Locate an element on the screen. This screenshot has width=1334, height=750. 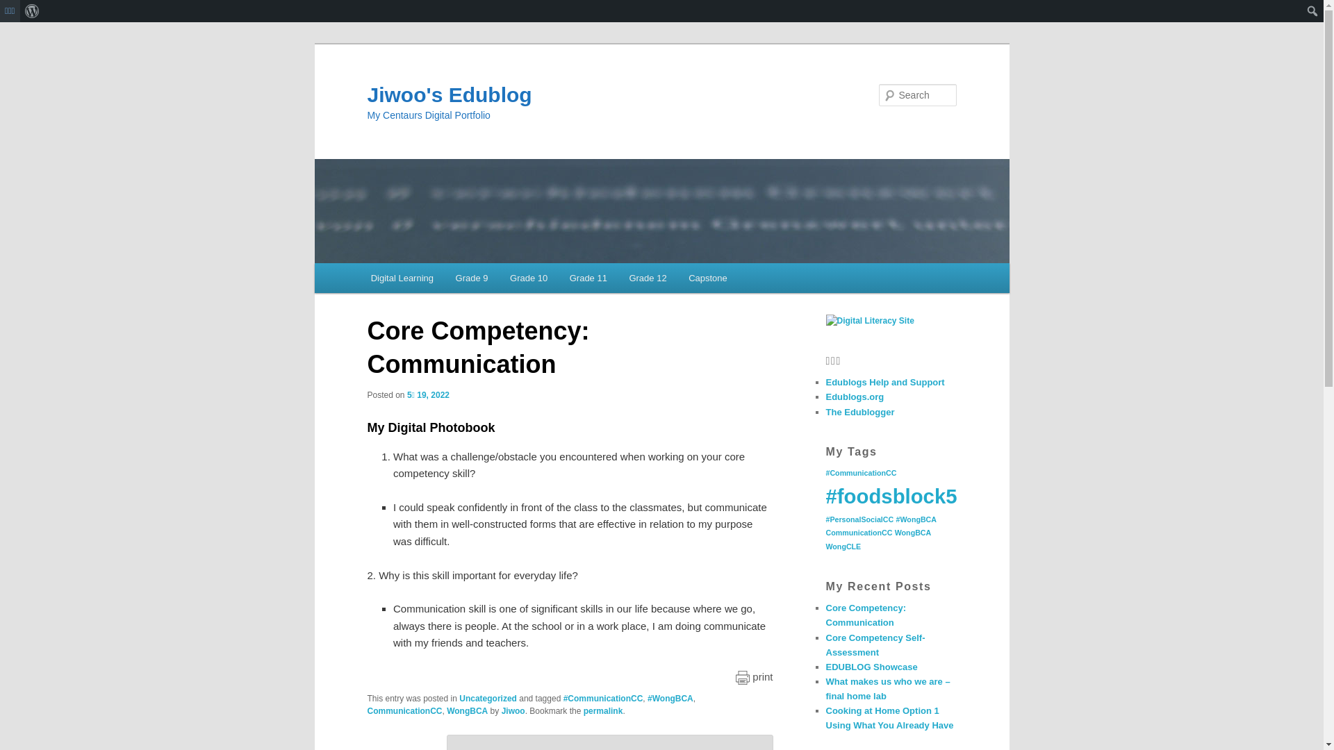
'Jiwoo' is located at coordinates (513, 710).